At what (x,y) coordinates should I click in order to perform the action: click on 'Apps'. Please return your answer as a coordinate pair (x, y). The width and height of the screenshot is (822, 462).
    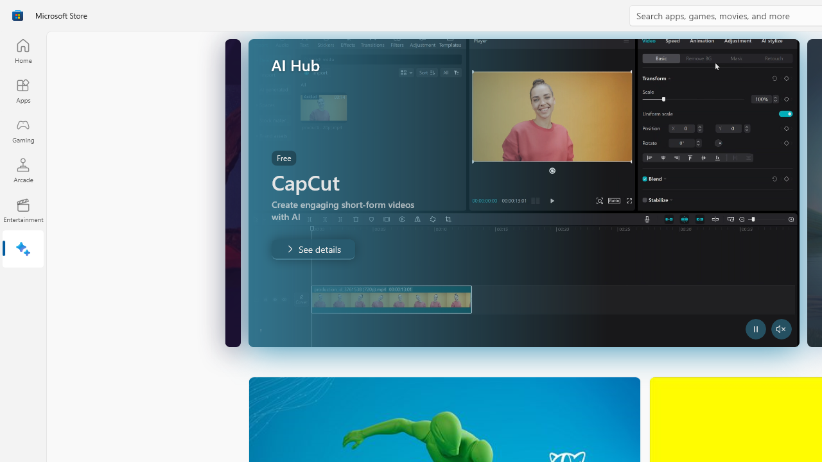
    Looking at the image, I should click on (22, 90).